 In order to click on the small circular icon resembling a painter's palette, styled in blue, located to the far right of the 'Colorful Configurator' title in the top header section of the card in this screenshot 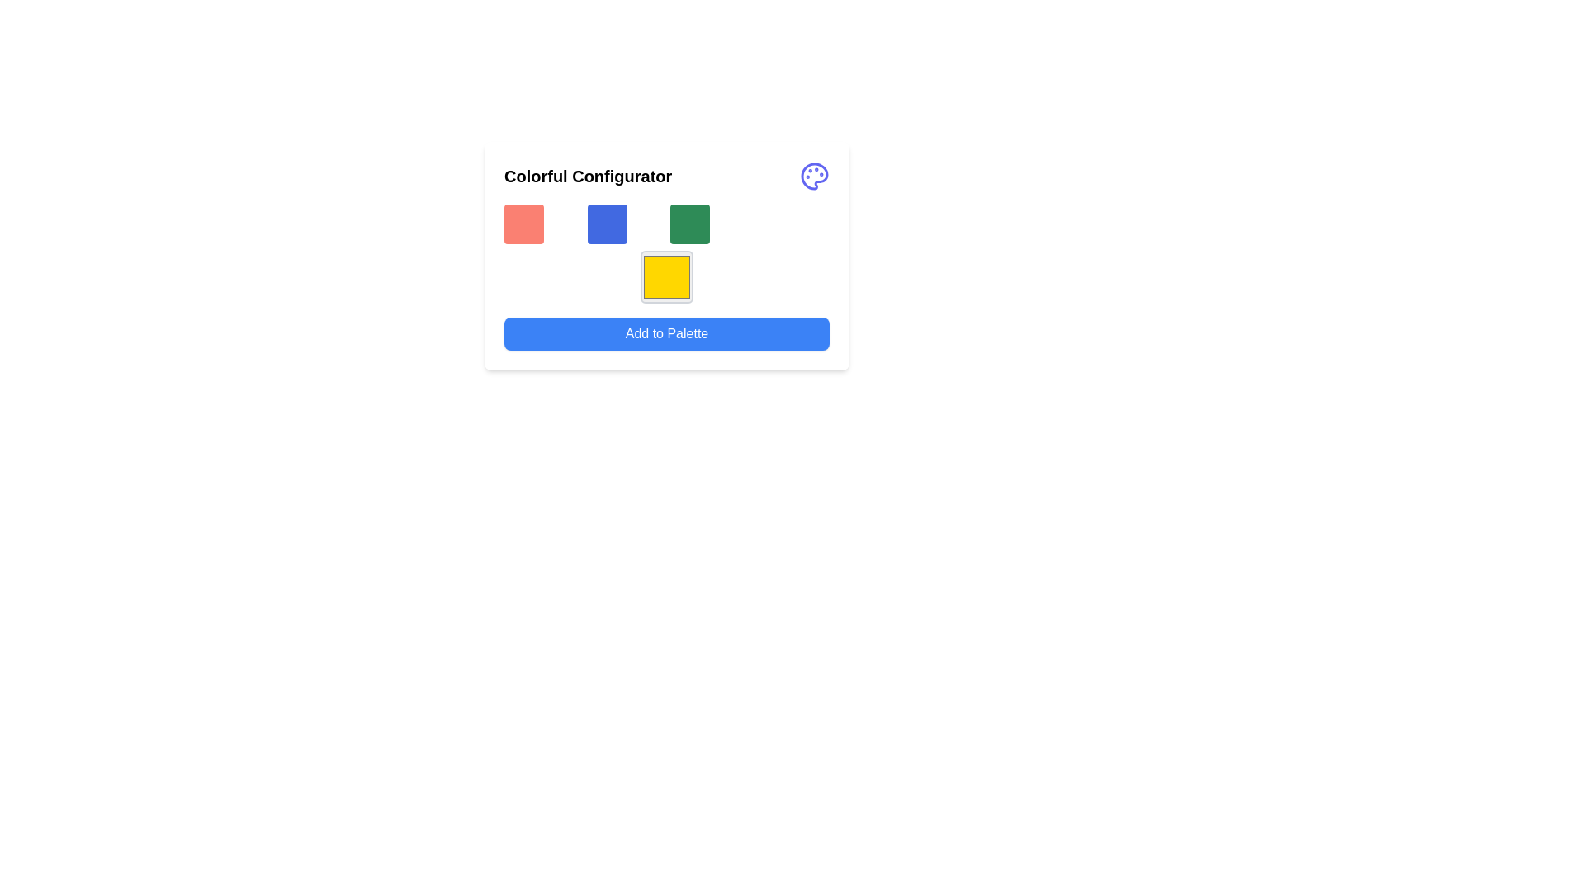, I will do `click(815, 176)`.